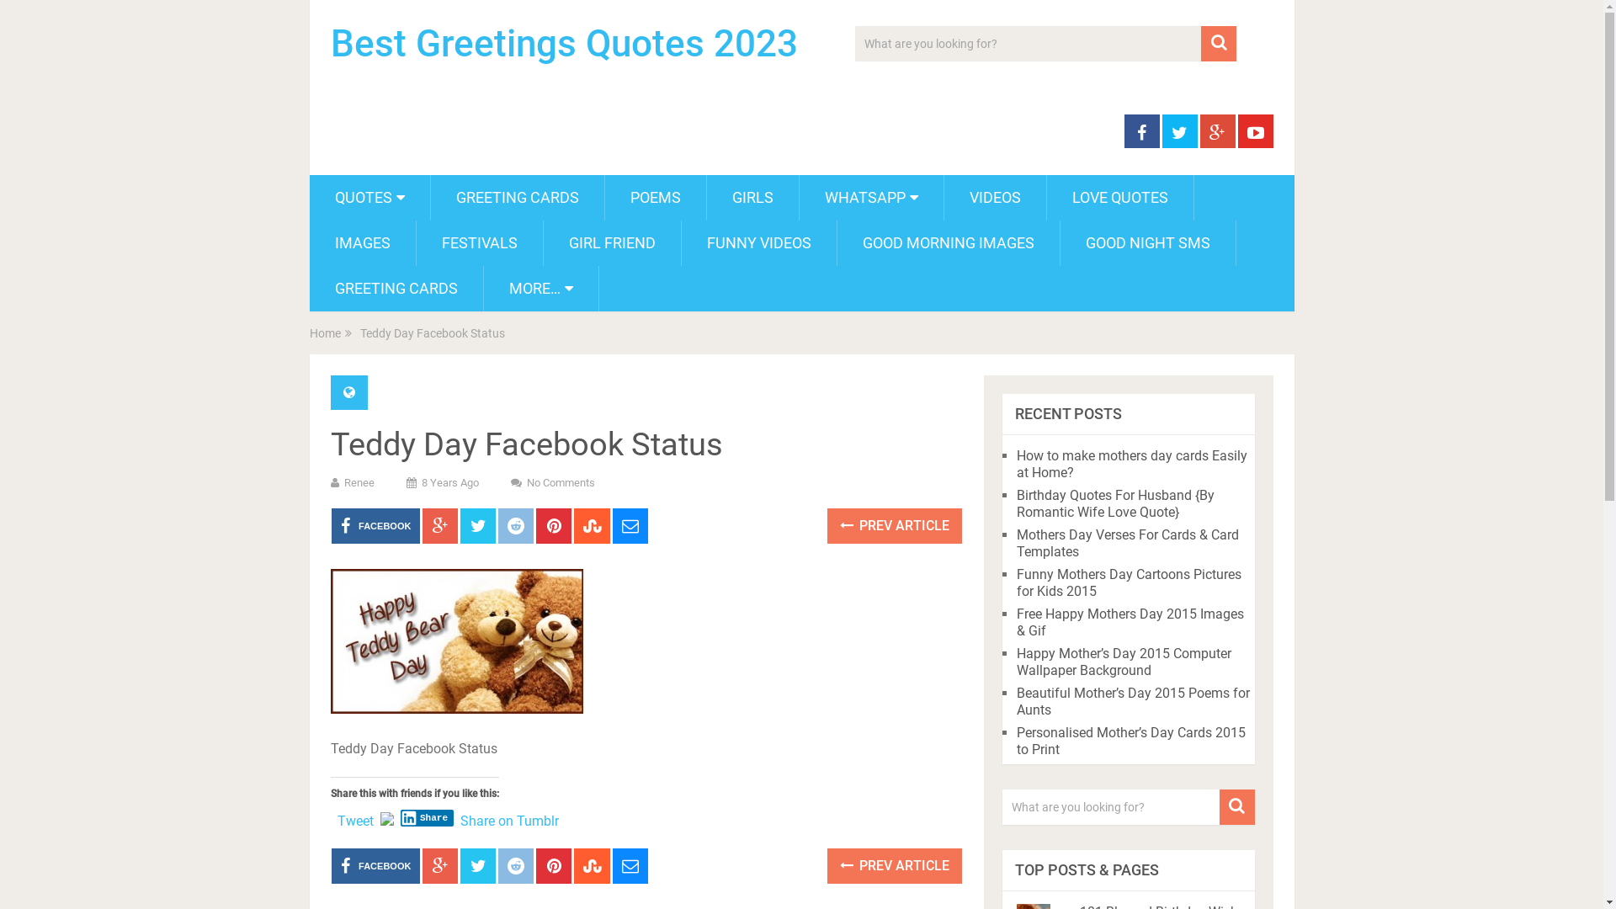 The image size is (1616, 909). I want to click on 'PREV ARTICLE', so click(893, 524).